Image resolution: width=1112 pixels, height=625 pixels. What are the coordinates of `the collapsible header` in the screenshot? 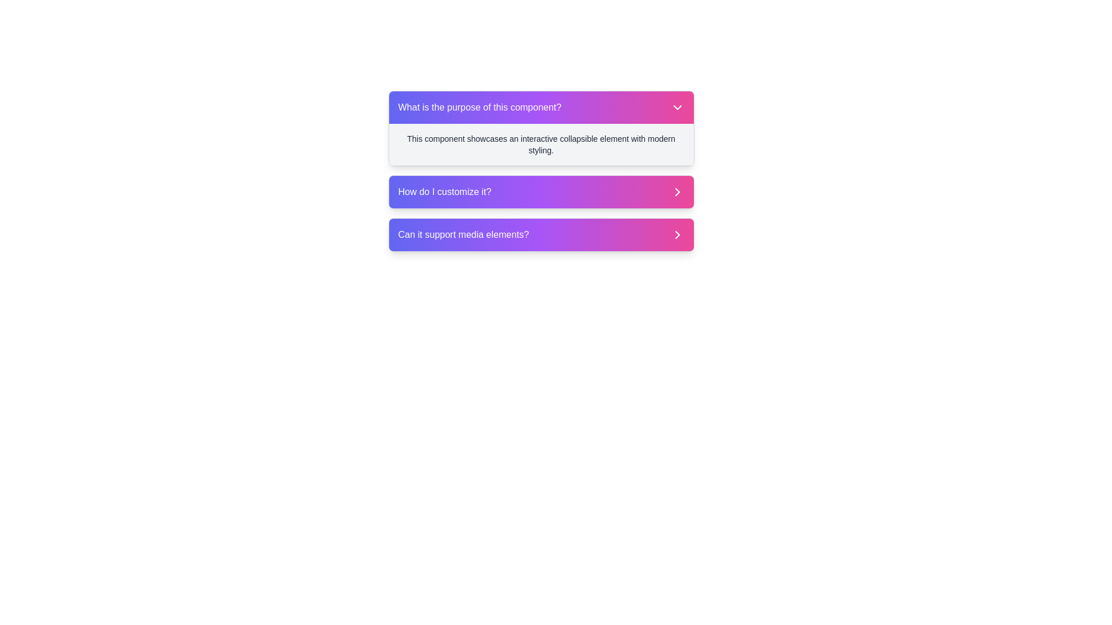 It's located at (540, 107).